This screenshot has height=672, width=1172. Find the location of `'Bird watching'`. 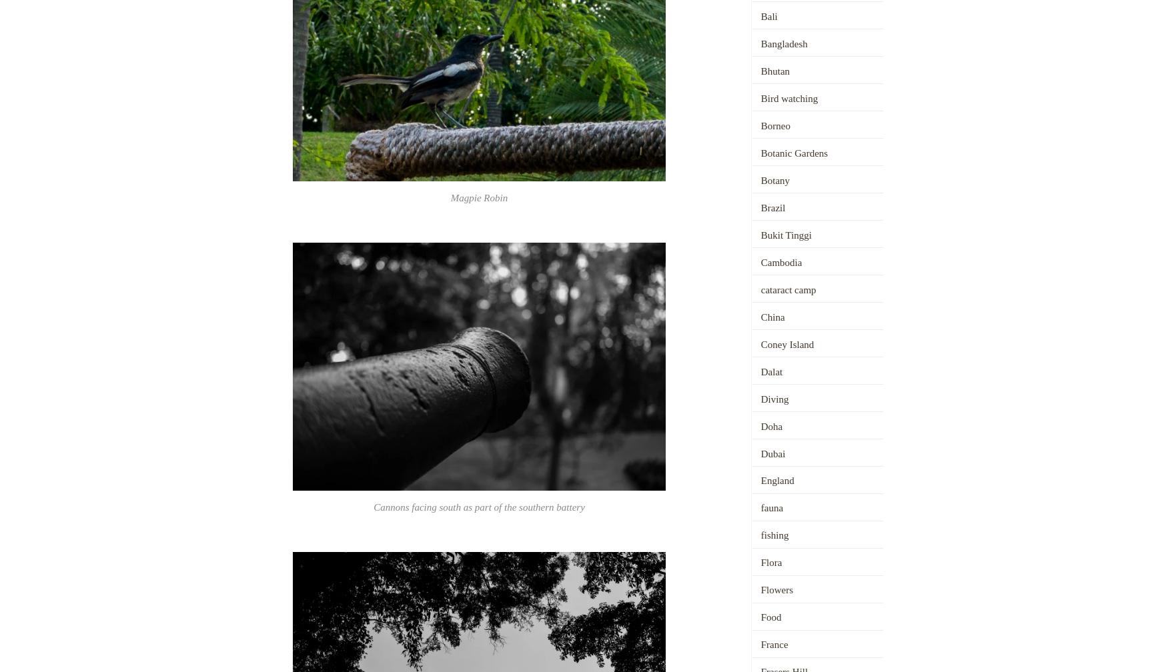

'Bird watching' is located at coordinates (788, 97).